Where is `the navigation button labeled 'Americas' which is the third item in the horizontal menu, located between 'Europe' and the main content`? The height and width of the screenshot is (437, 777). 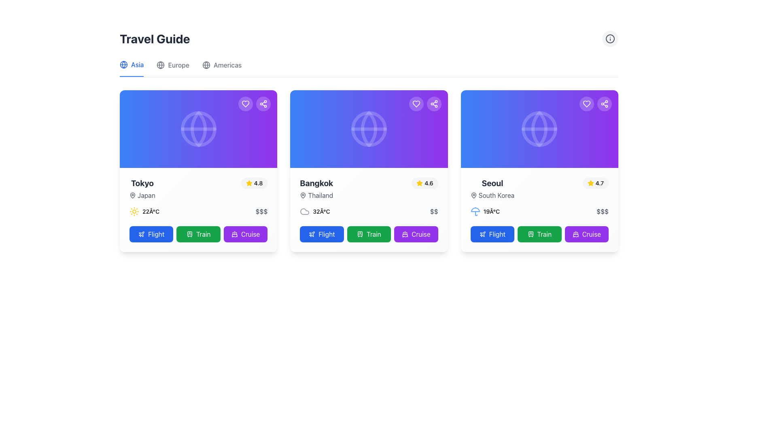
the navigation button labeled 'Americas' which is the third item in the horizontal menu, located between 'Europe' and the main content is located at coordinates (222, 68).